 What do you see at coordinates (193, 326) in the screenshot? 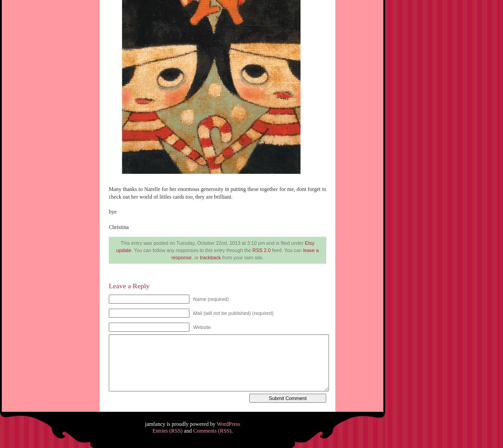
I see `'Website'` at bounding box center [193, 326].